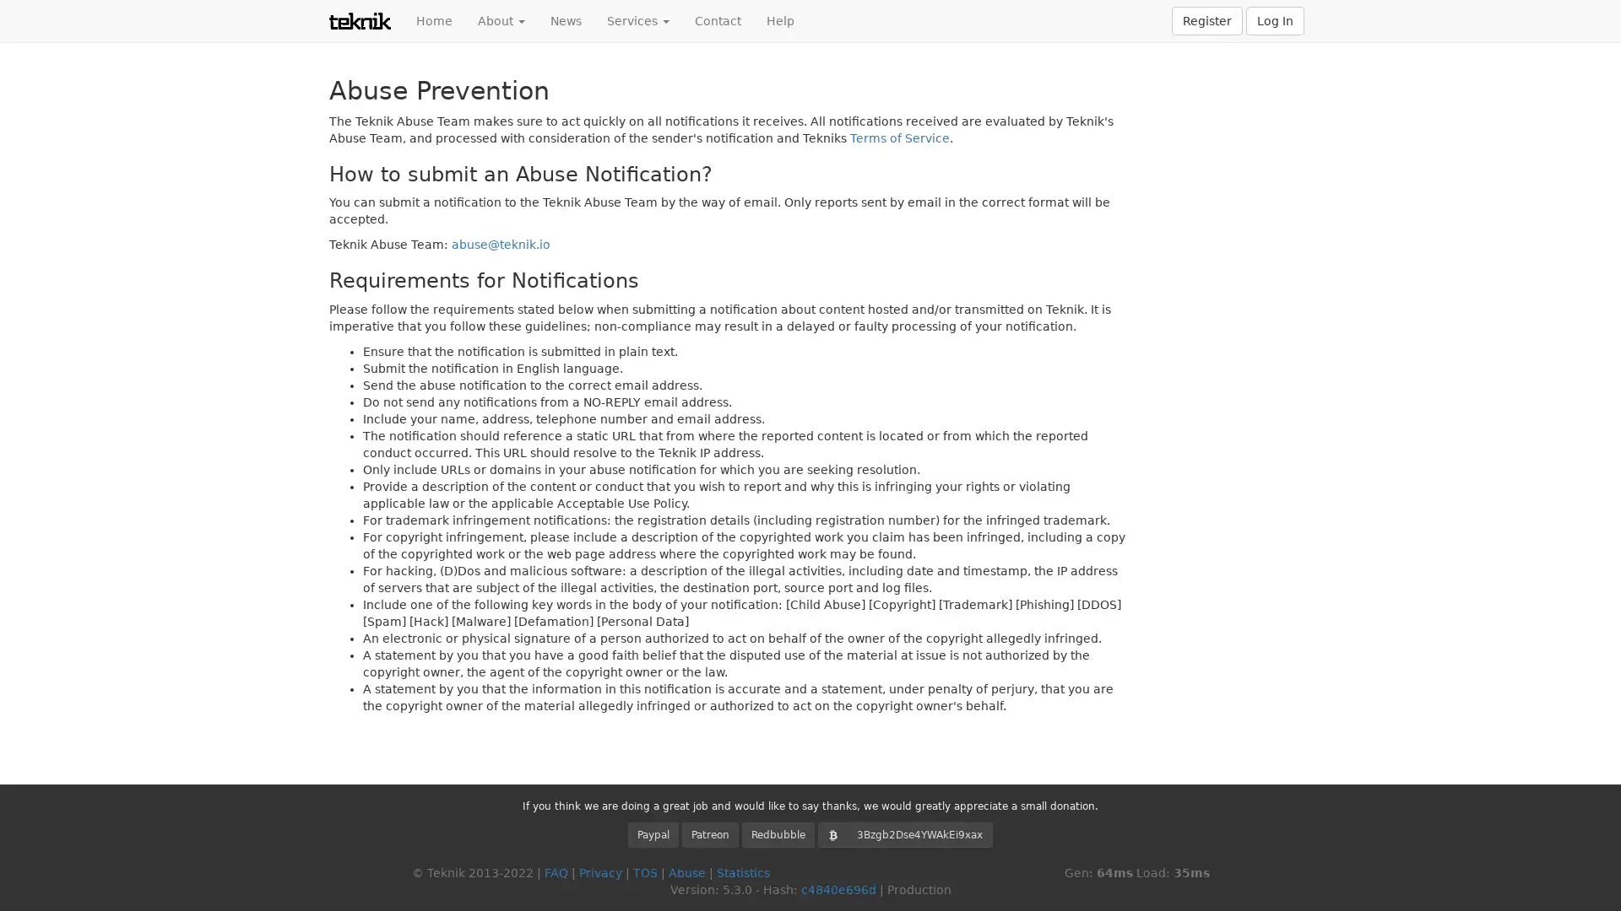 The image size is (1621, 911). I want to click on Redbubble, so click(777, 835).